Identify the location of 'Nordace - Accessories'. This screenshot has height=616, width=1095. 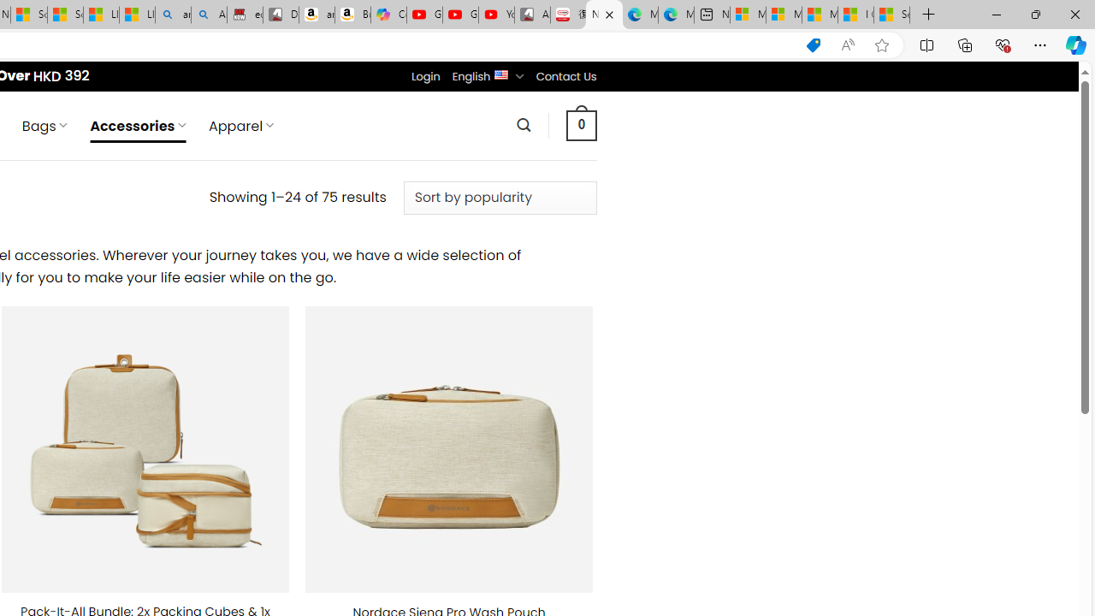
(604, 15).